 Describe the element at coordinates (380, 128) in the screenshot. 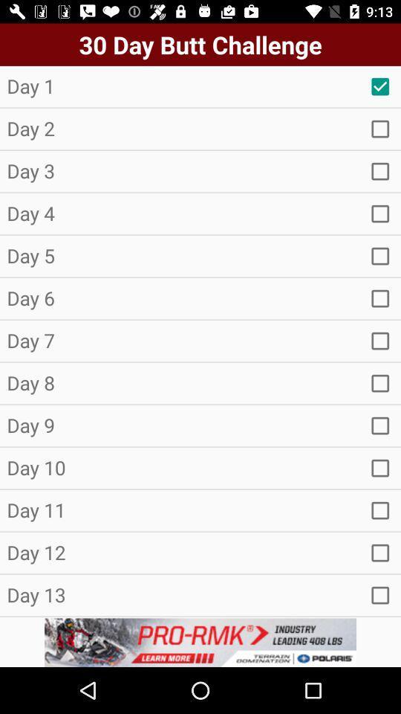

I see `day select button` at that location.